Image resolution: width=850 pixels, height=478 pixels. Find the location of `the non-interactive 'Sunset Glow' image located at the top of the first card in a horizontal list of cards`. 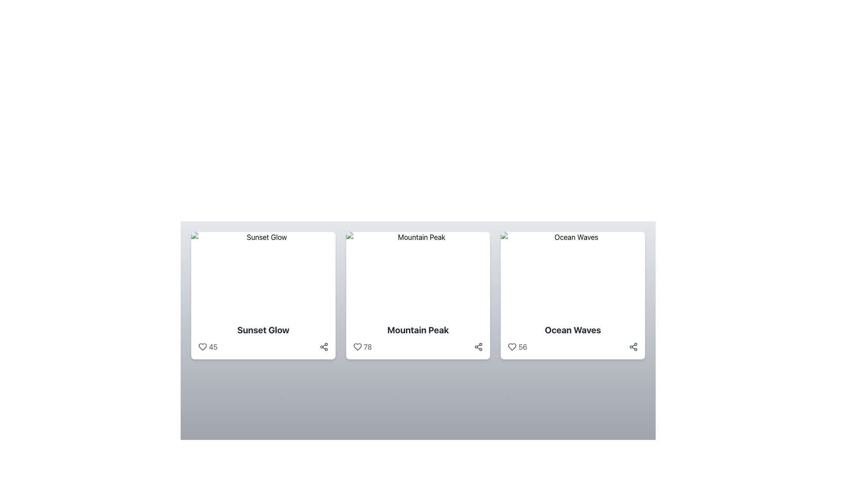

the non-interactive 'Sunset Glow' image located at the top of the first card in a horizontal list of cards is located at coordinates (263, 274).